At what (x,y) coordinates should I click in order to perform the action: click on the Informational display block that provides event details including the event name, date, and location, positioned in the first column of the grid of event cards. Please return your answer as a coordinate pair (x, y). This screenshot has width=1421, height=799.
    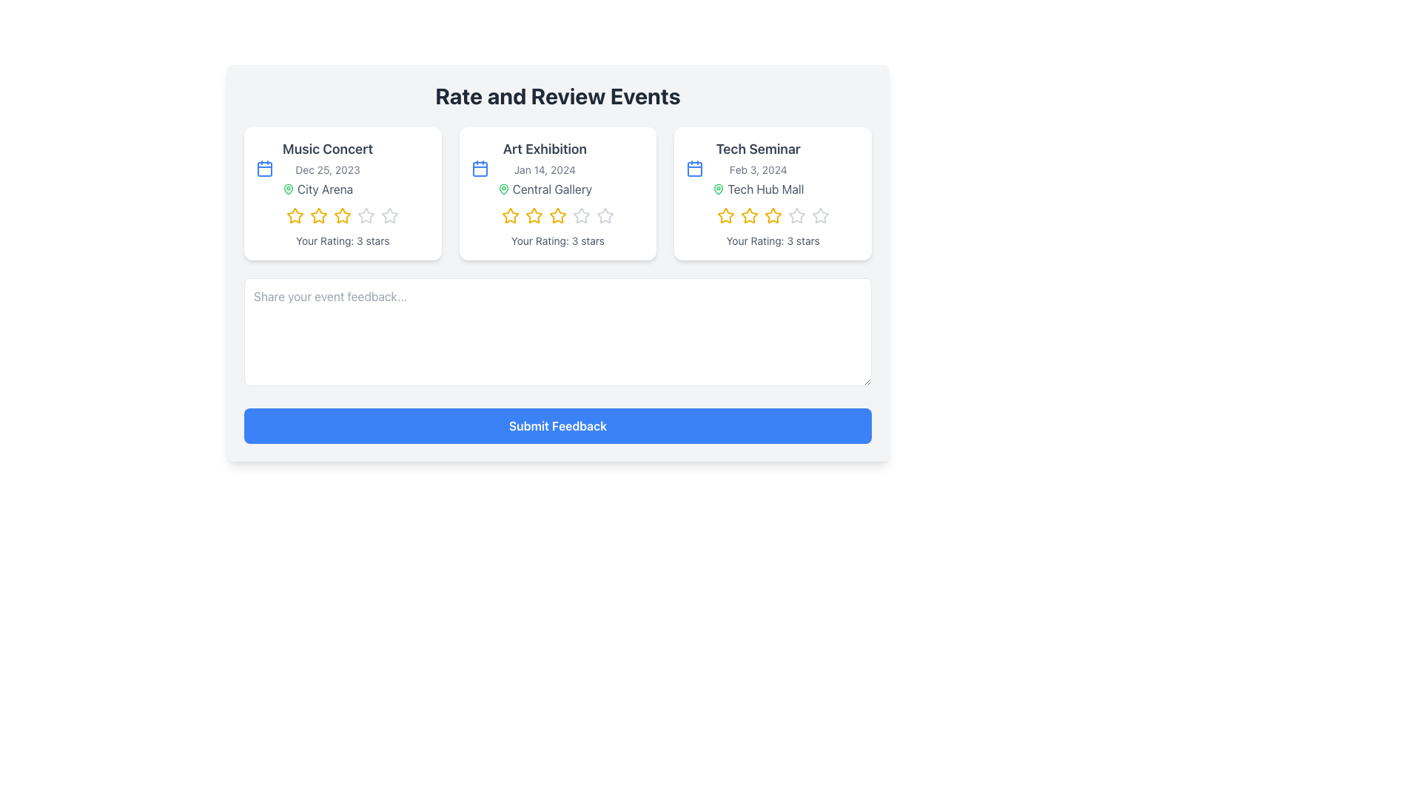
    Looking at the image, I should click on (342, 167).